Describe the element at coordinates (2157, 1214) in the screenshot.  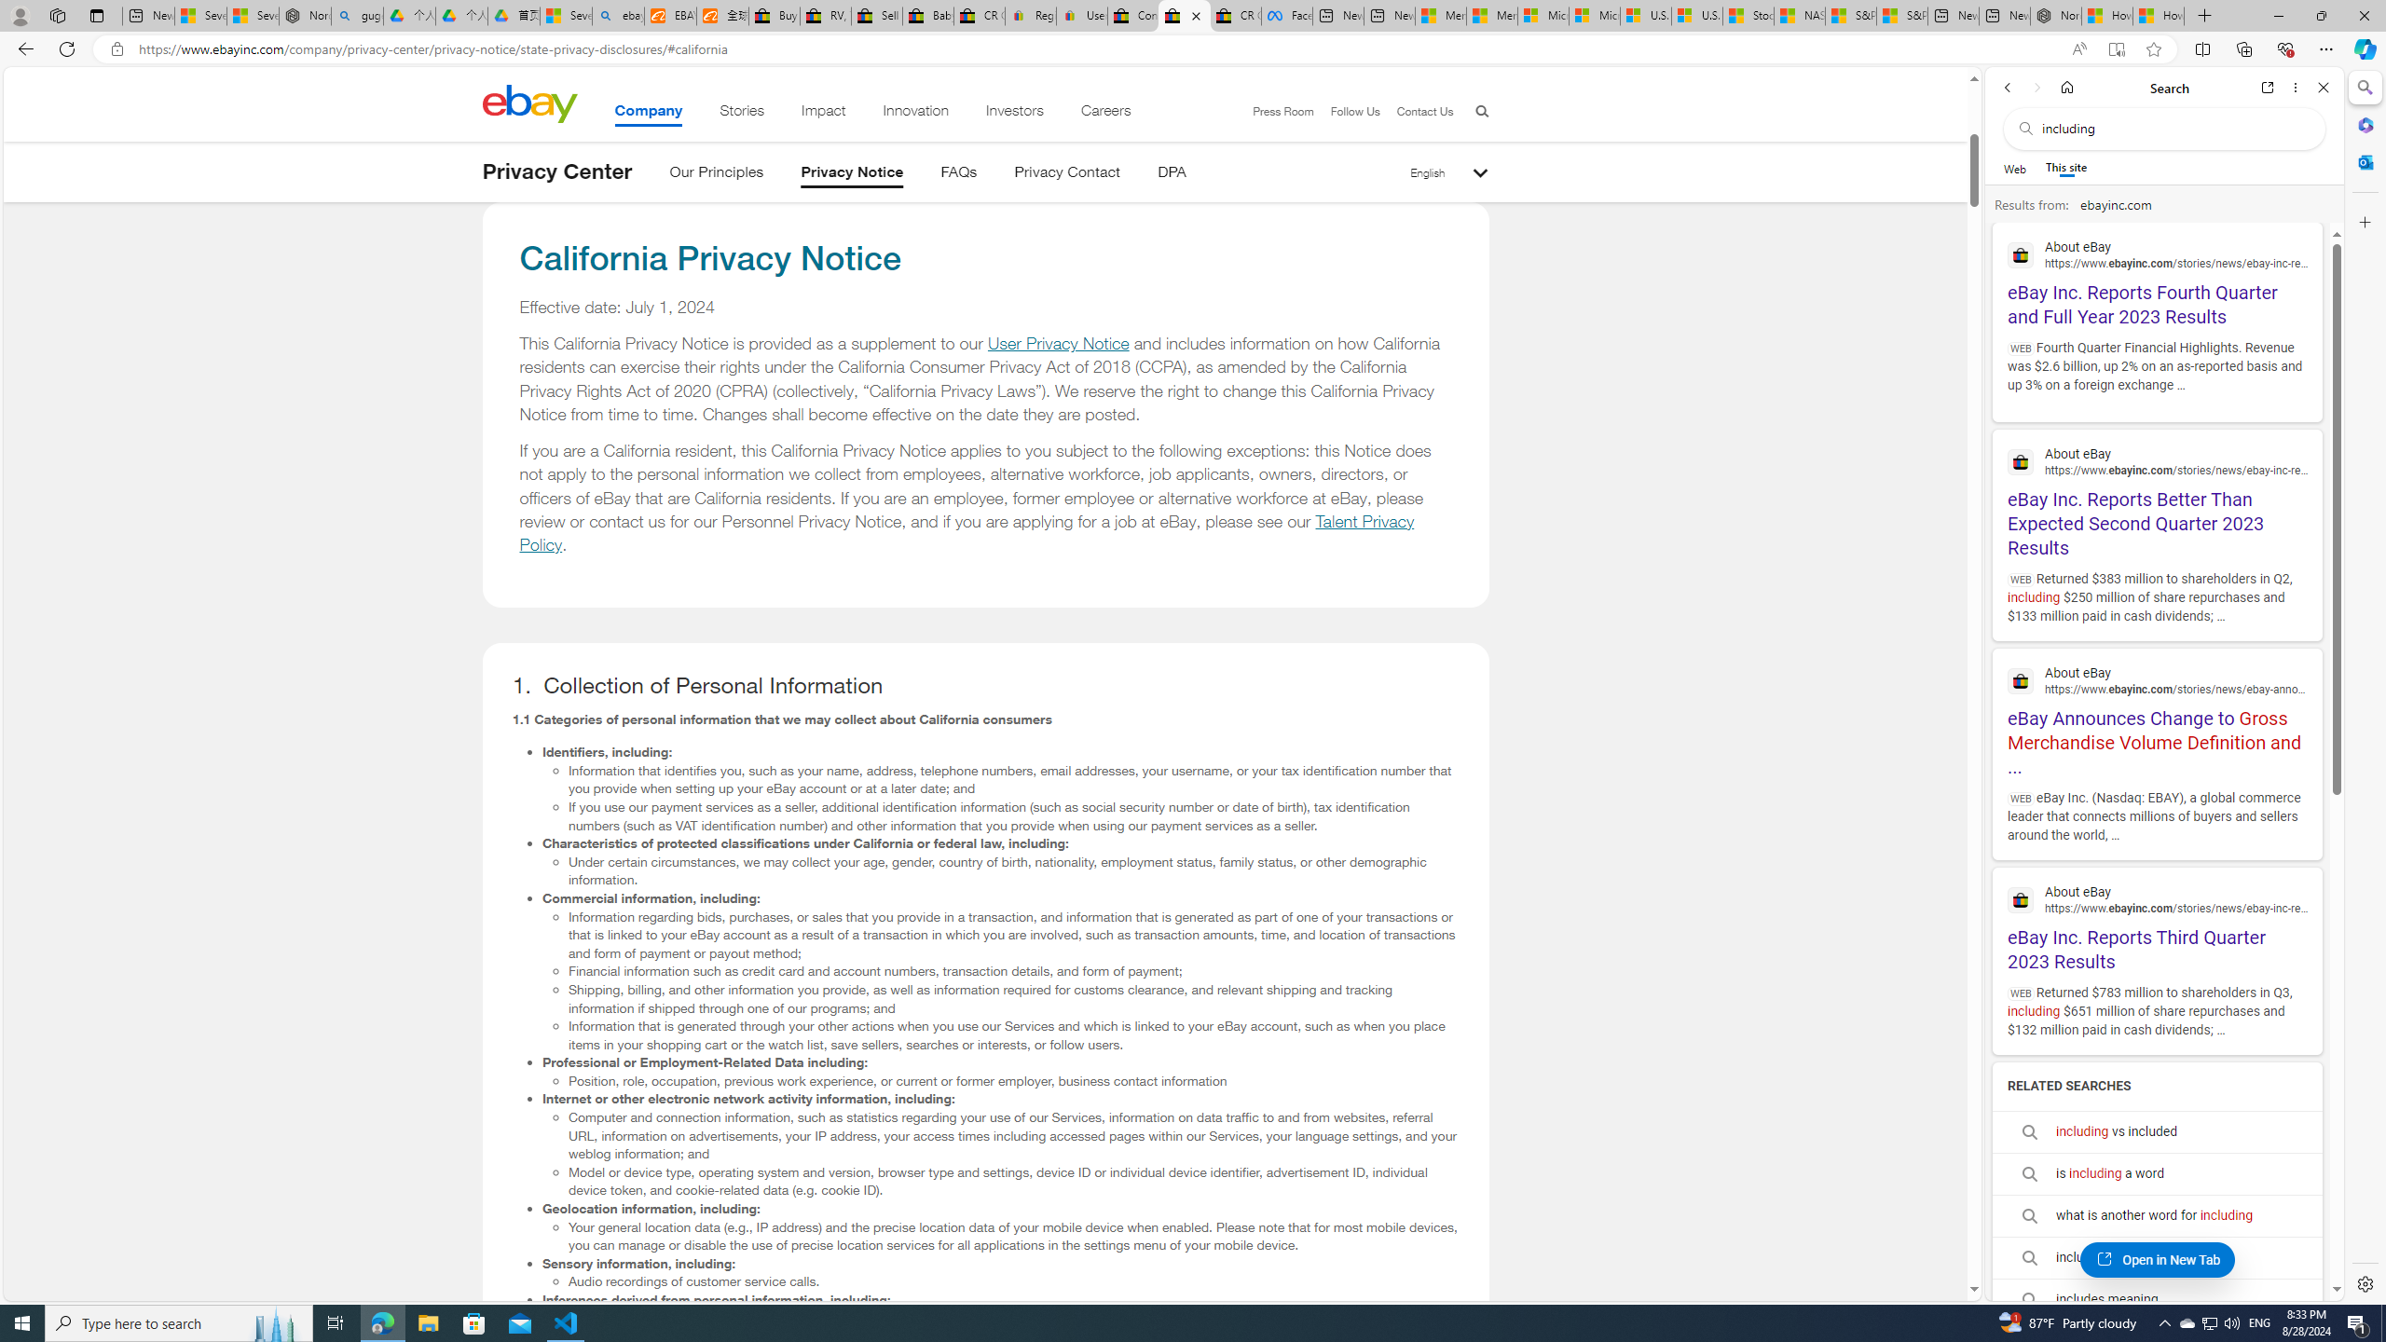
I see `'what is another word for including'` at that location.